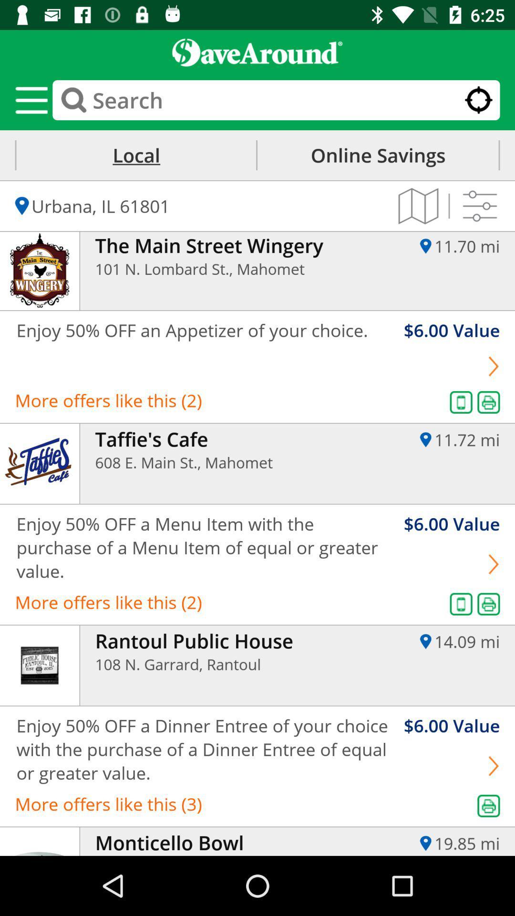  Describe the element at coordinates (31, 100) in the screenshot. I see `the option button which is left hand side of search tool` at that location.